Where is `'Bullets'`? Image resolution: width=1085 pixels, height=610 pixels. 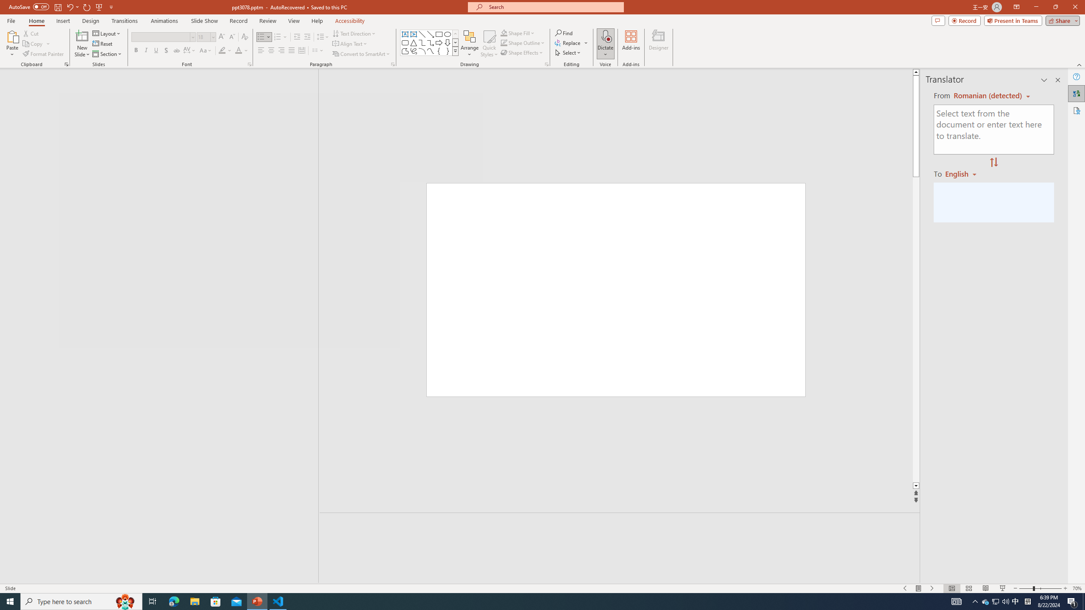 'Bullets' is located at coordinates (261, 37).